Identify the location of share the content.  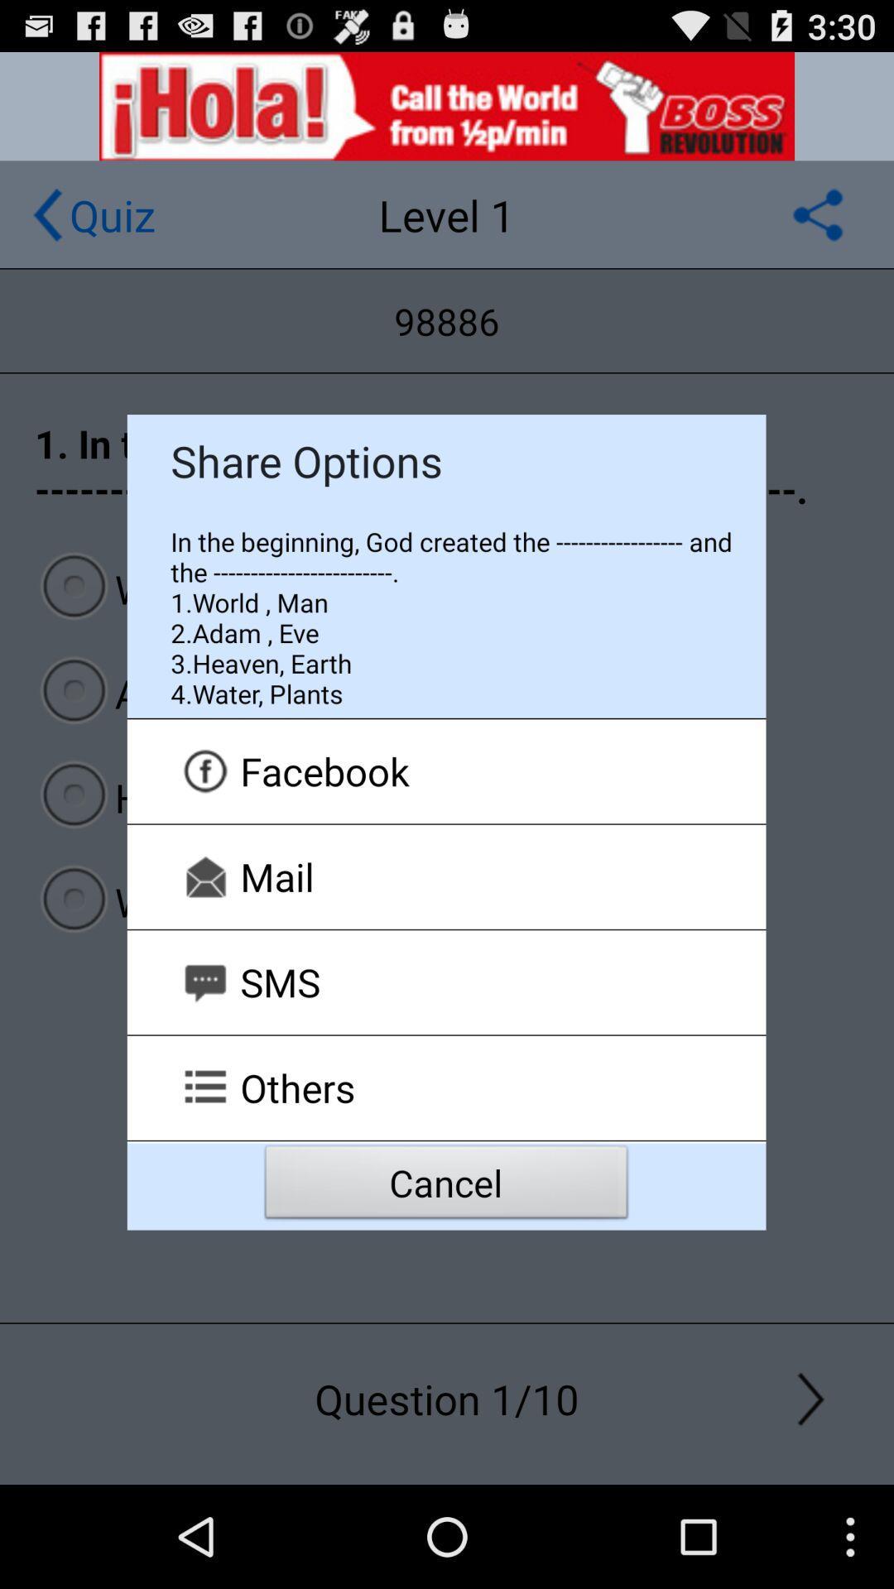
(817, 214).